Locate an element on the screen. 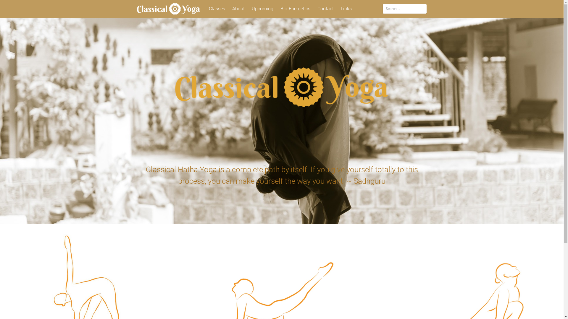 Image resolution: width=568 pixels, height=319 pixels. 'Classes' is located at coordinates (206, 9).